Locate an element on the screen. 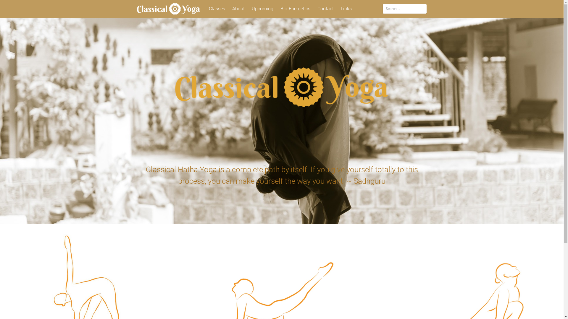 Image resolution: width=568 pixels, height=319 pixels. 'Classes' is located at coordinates (206, 9).